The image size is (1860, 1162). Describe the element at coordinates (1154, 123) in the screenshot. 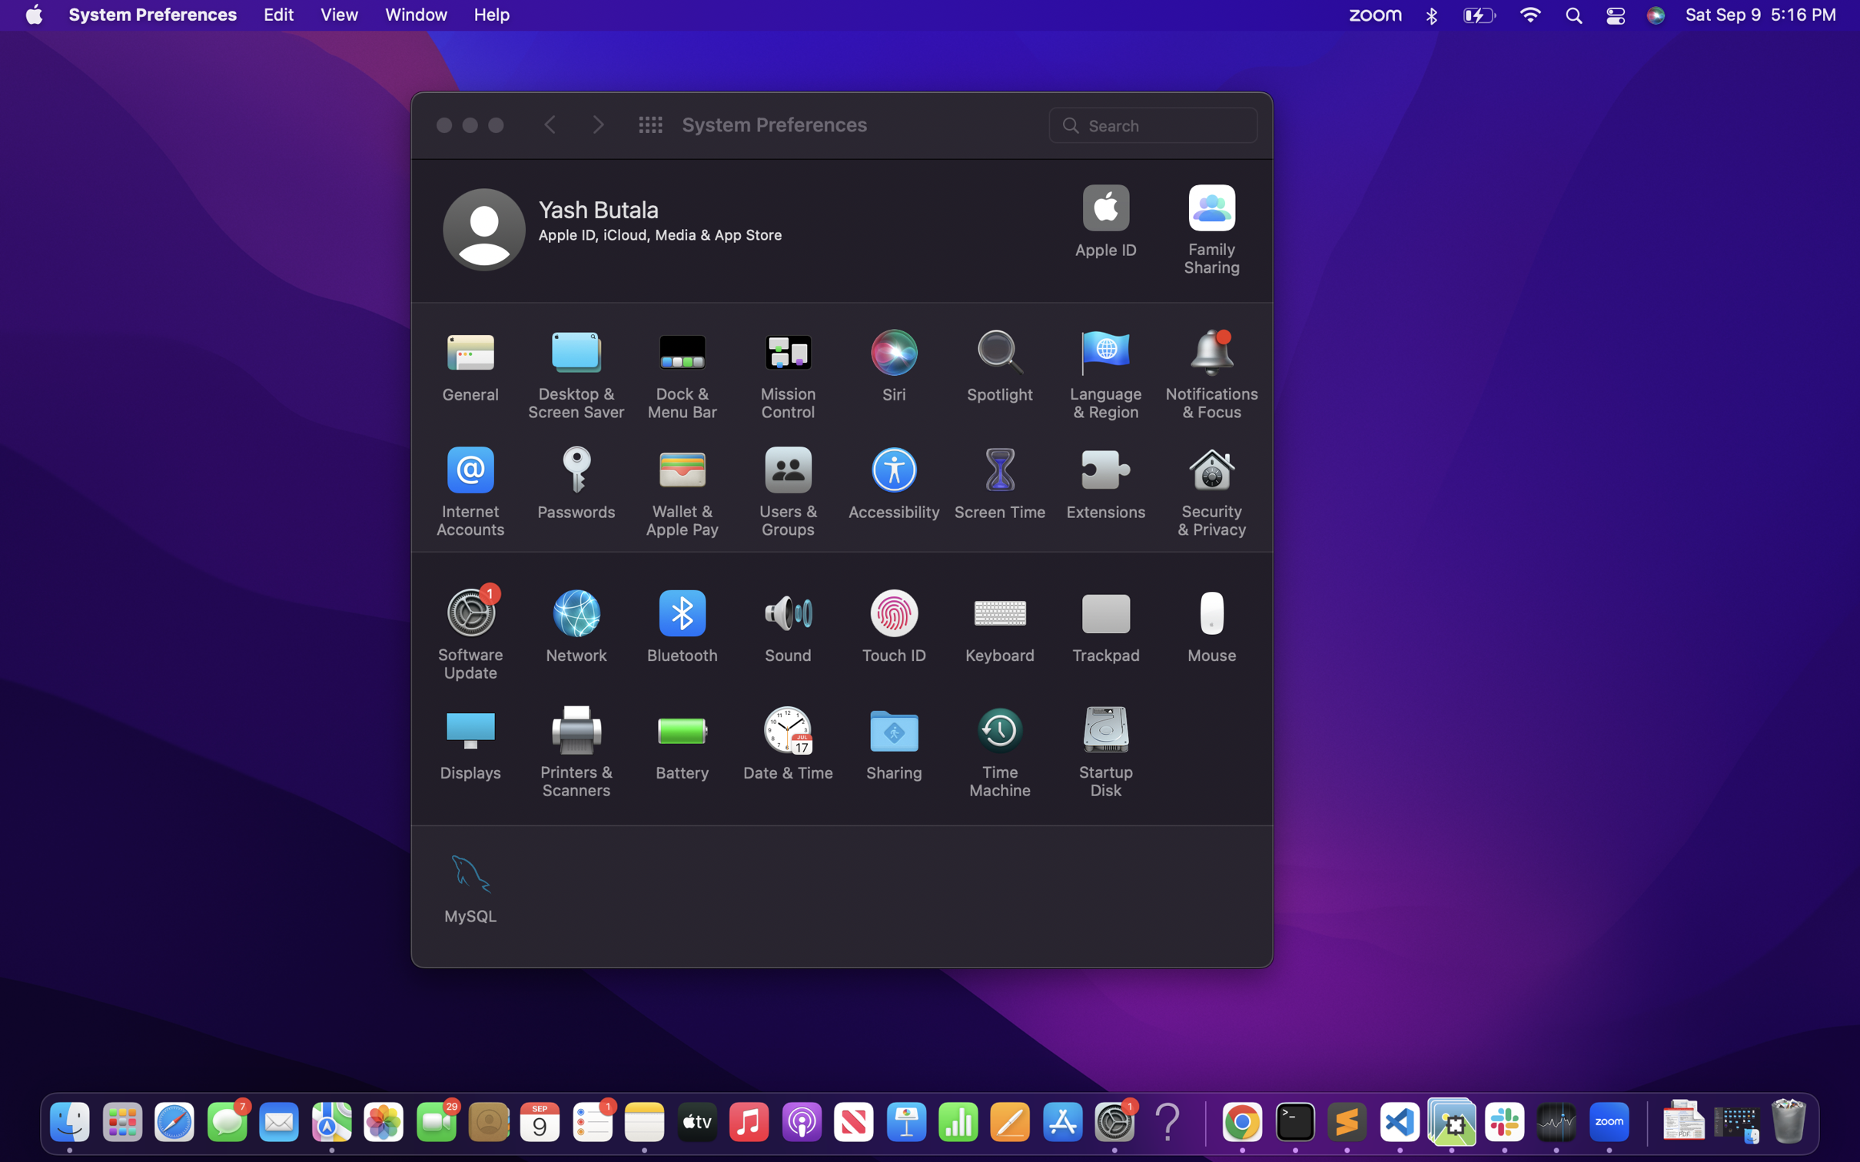

I see `Use search bar to access the application setting` at that location.